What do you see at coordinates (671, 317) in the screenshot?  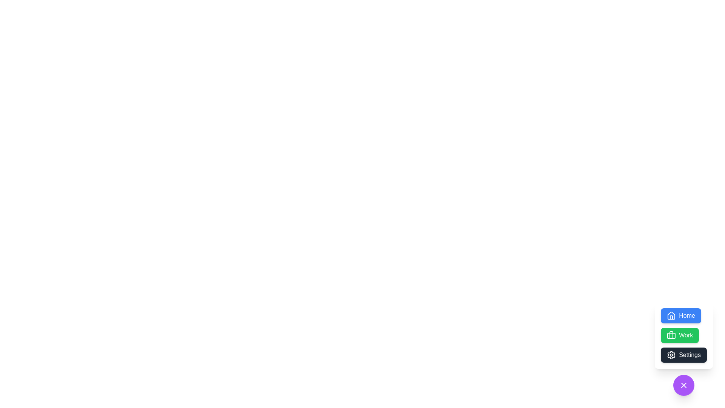 I see `the lower vertical rectangle of the house icon in the SVG graphic, which symbolizes the entrance to the house, located centrally below the triangular roof structure` at bounding box center [671, 317].